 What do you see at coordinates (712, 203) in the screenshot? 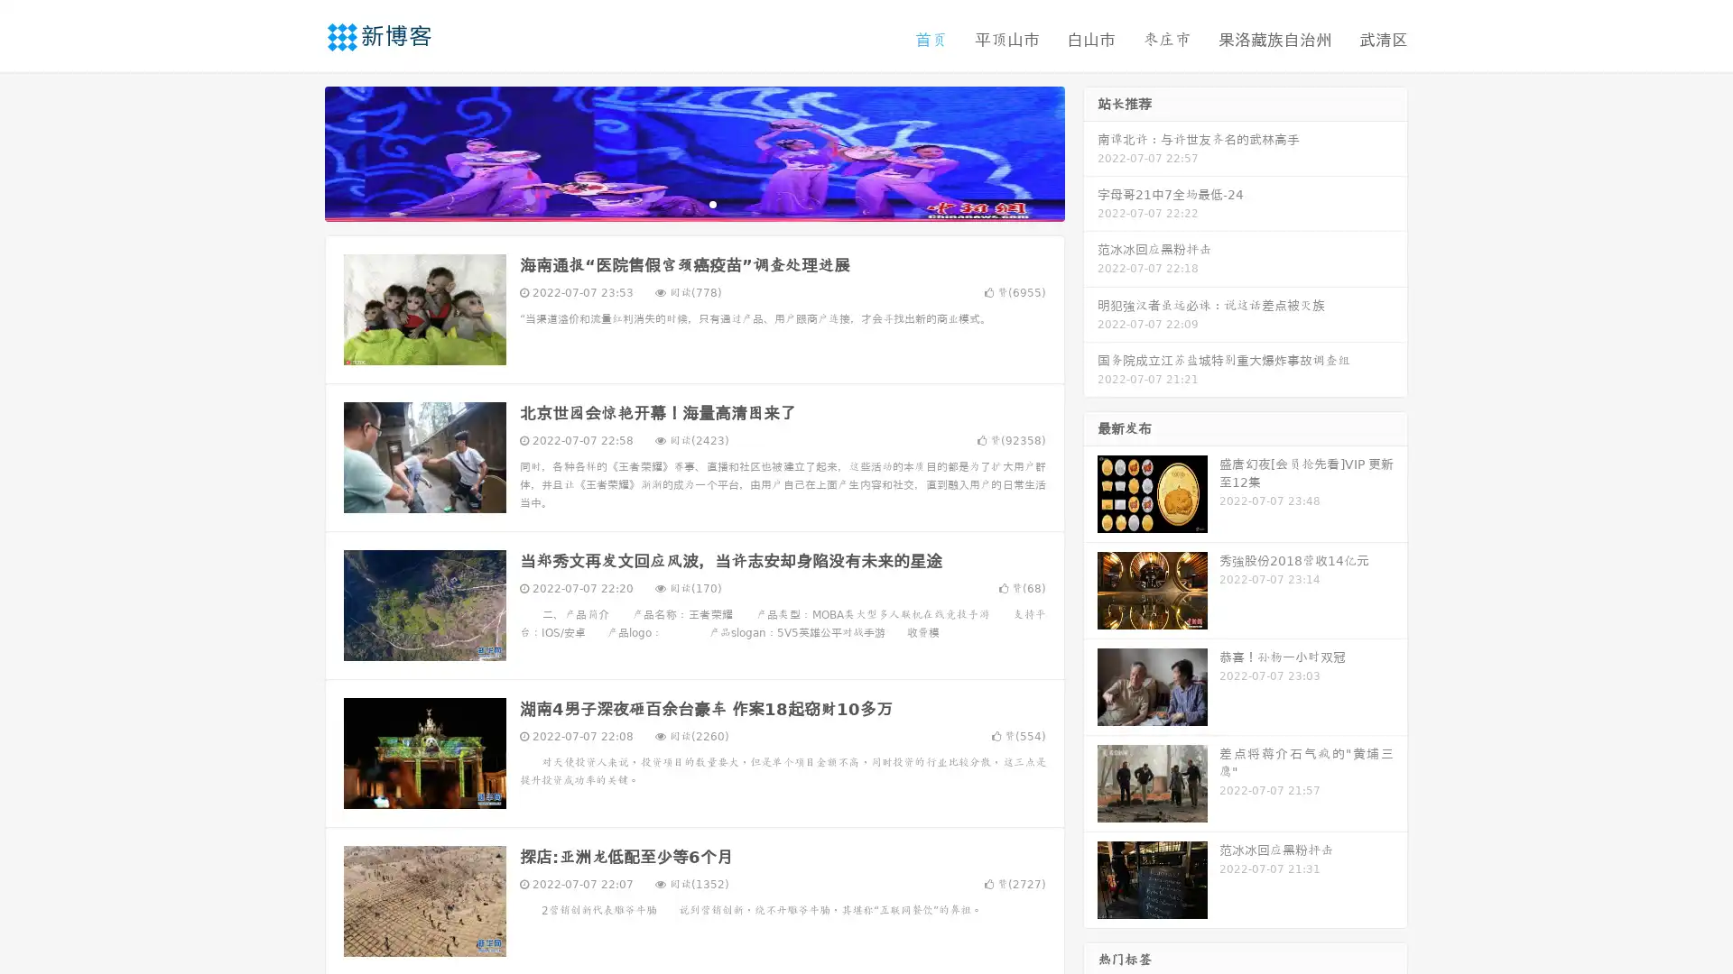
I see `Go to slide 3` at bounding box center [712, 203].